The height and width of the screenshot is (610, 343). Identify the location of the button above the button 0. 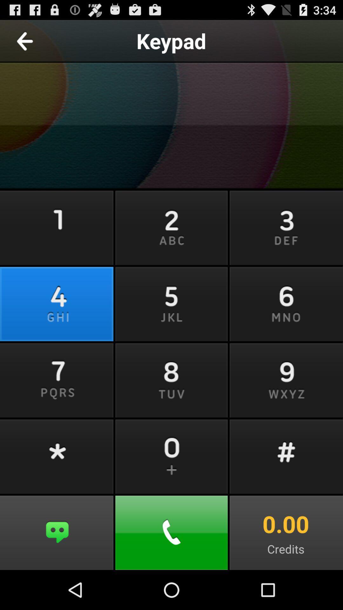
(171, 379).